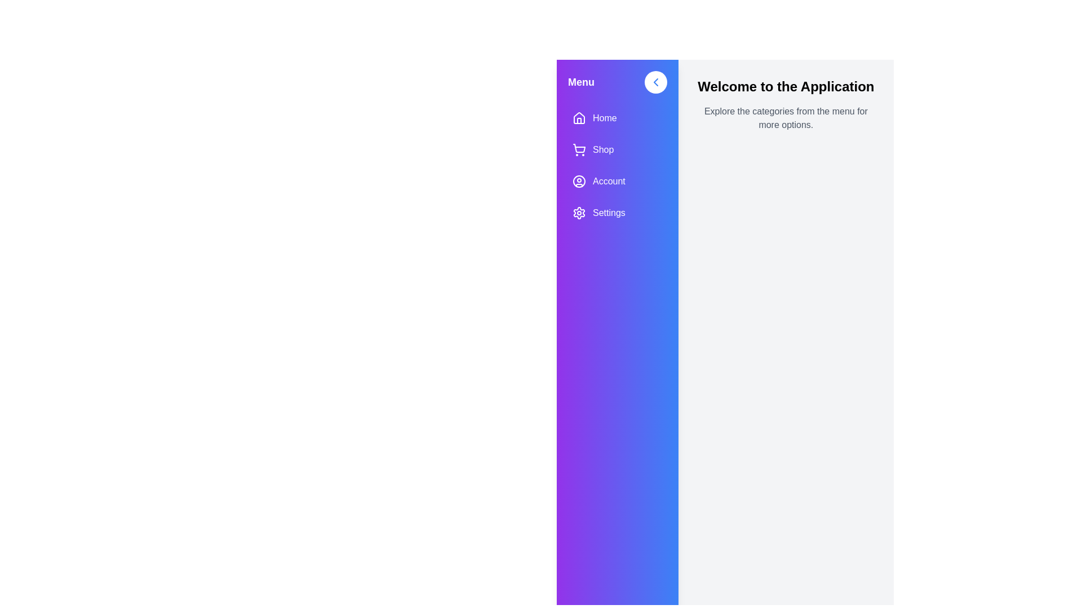  What do you see at coordinates (579, 121) in the screenshot?
I see `the lower portion of the house-shaped graphical component next to the 'Home' label in the sidebar` at bounding box center [579, 121].